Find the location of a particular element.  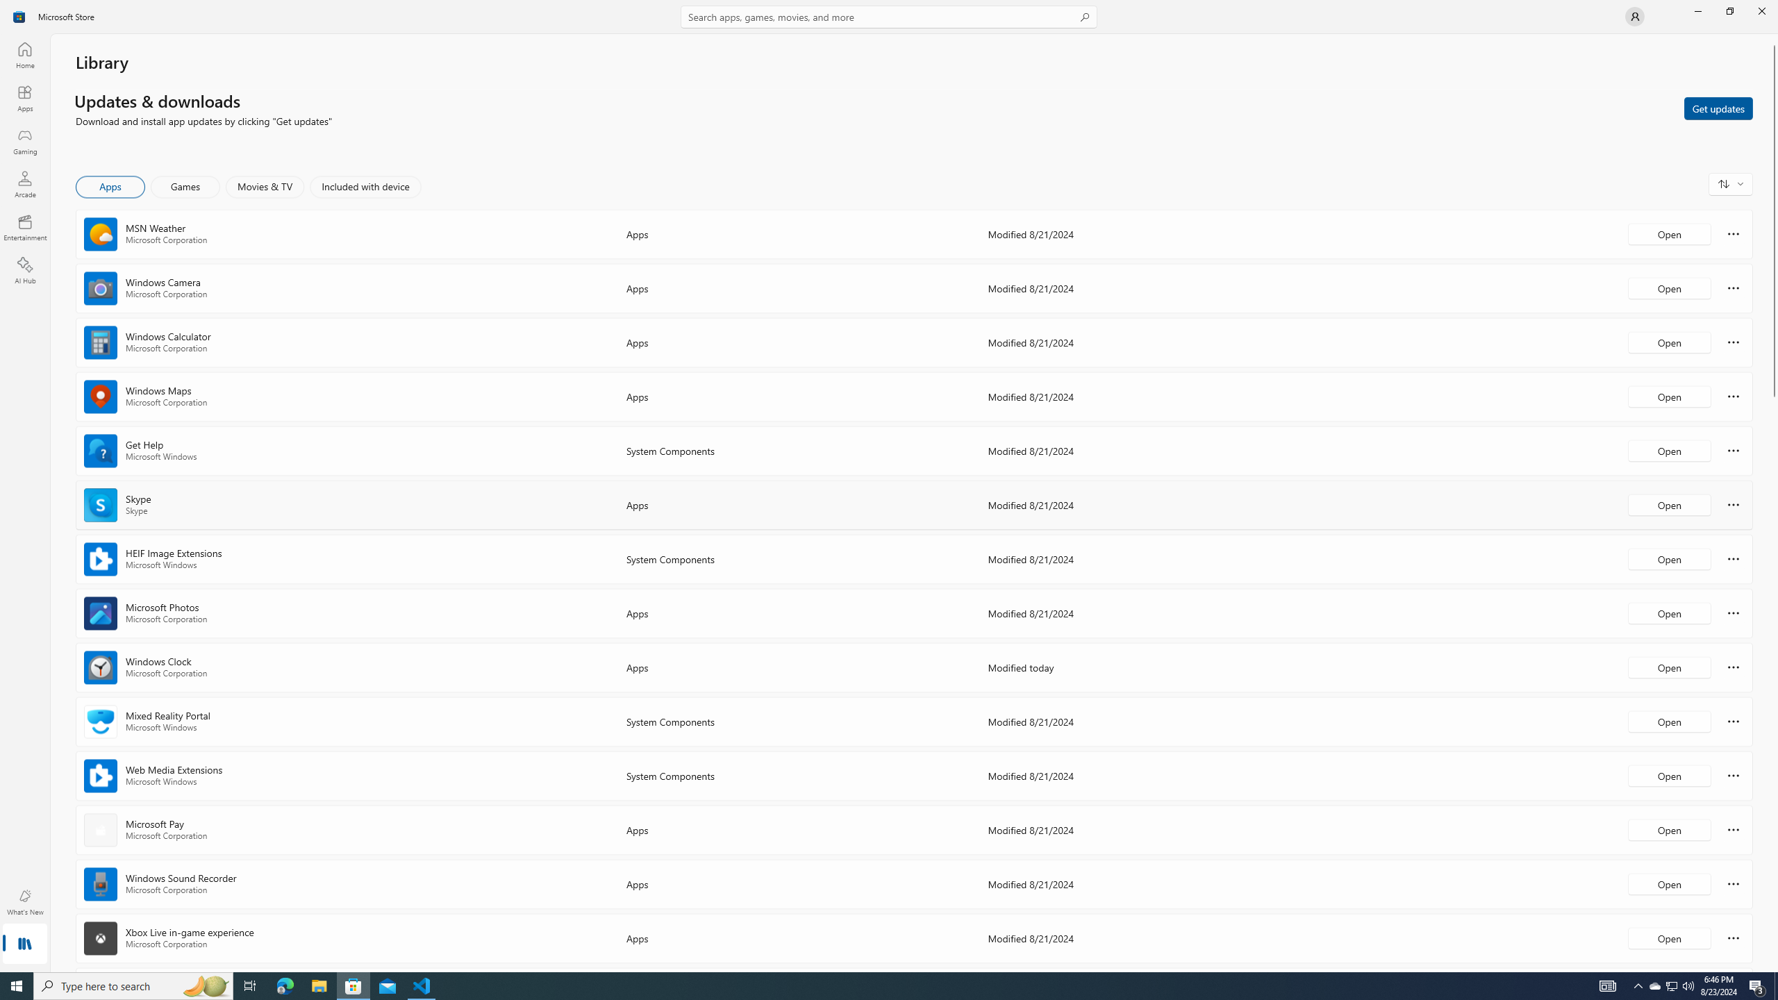

'What' is located at coordinates (24, 901).